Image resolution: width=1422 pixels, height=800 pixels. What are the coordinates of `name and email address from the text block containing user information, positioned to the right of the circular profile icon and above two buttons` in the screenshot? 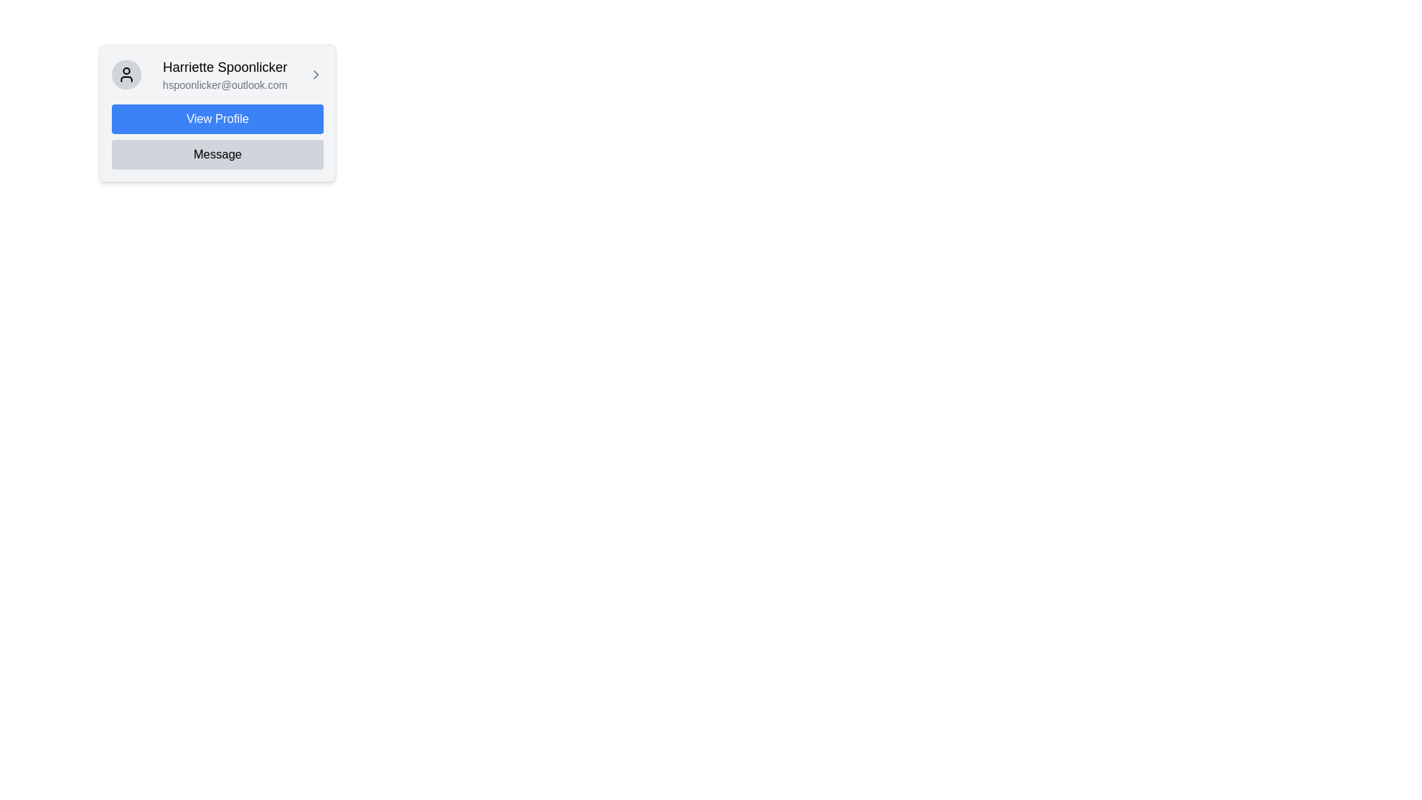 It's located at (224, 74).